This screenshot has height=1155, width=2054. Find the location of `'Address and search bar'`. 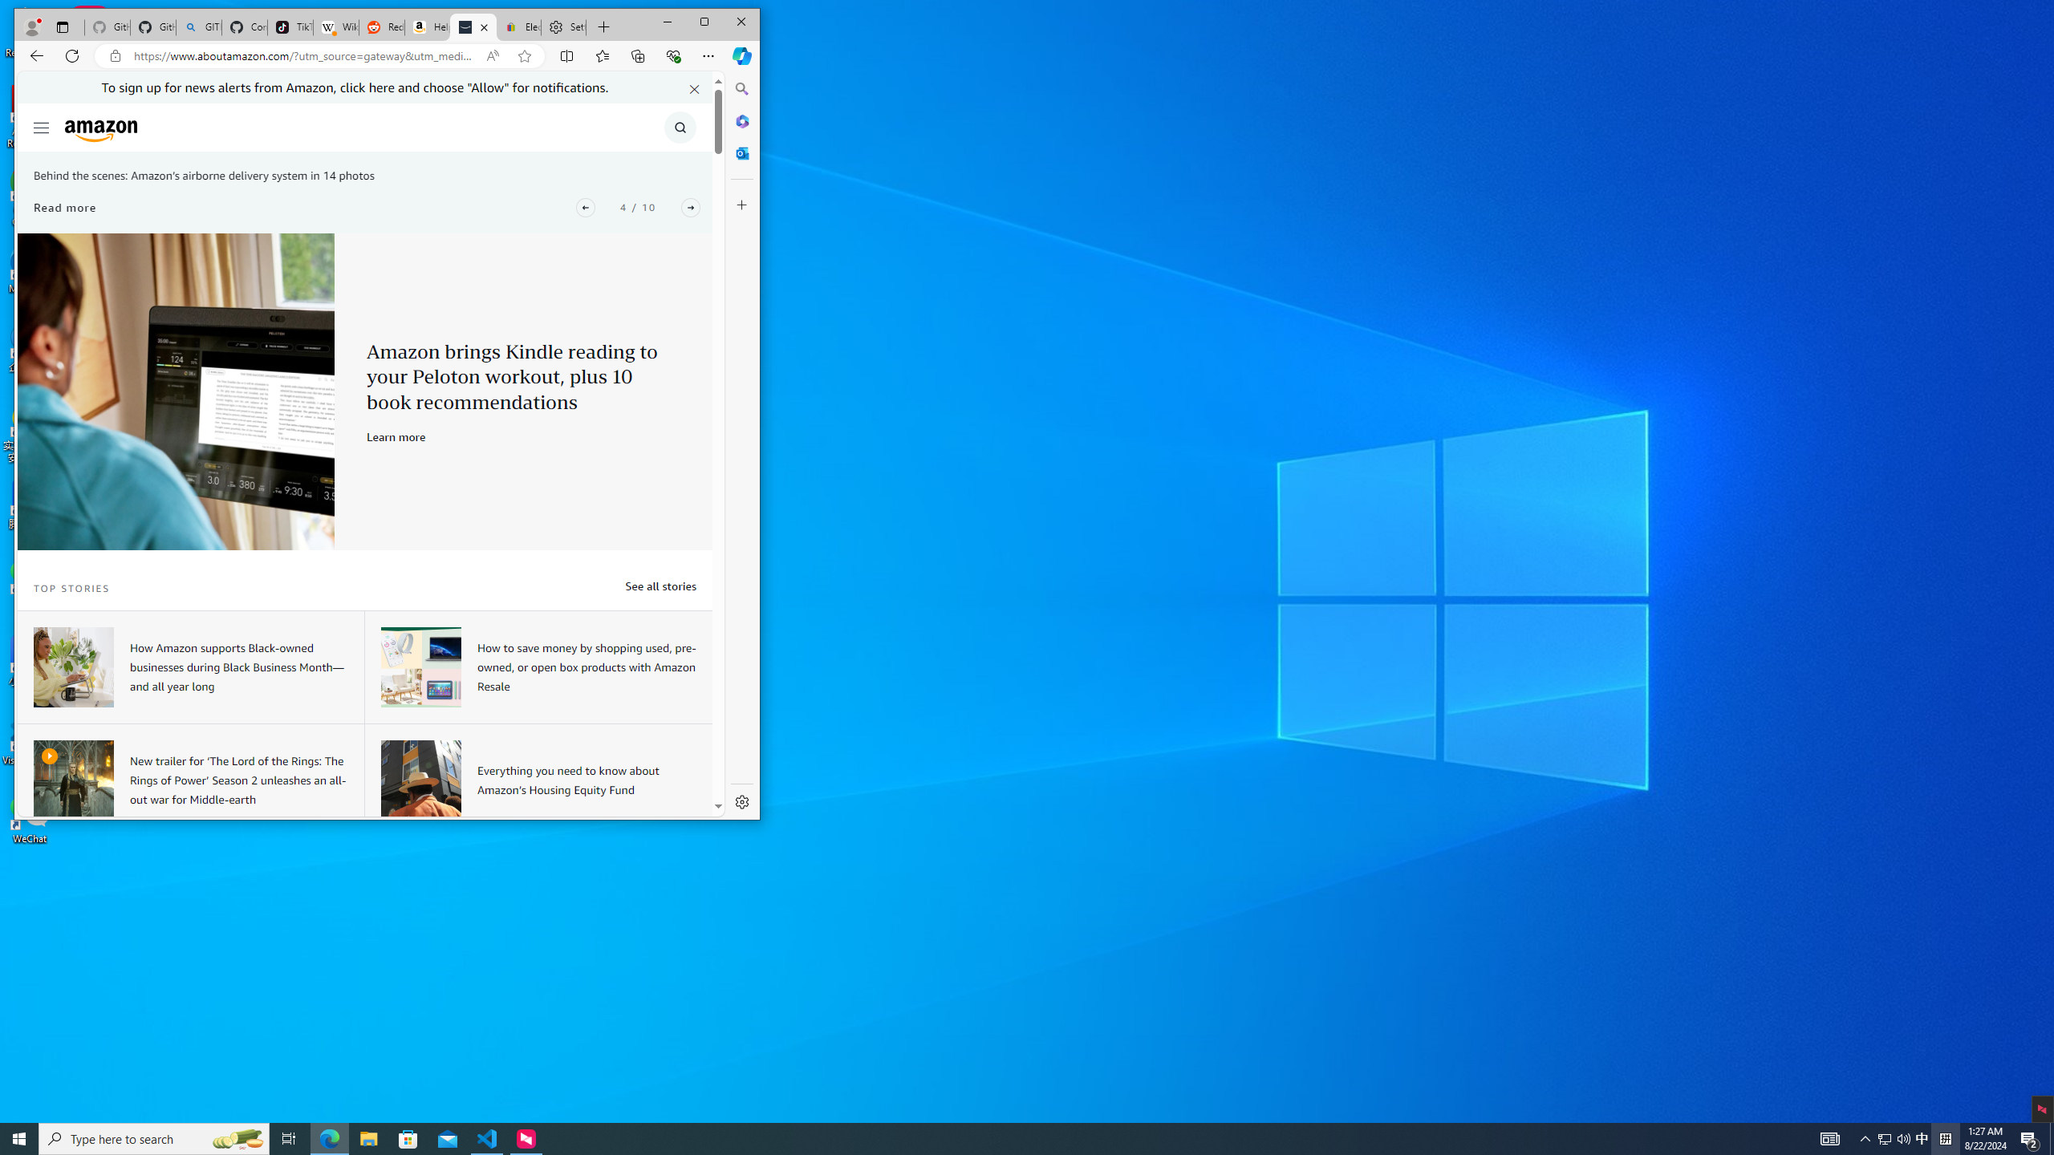

'Address and search bar' is located at coordinates (305, 55).